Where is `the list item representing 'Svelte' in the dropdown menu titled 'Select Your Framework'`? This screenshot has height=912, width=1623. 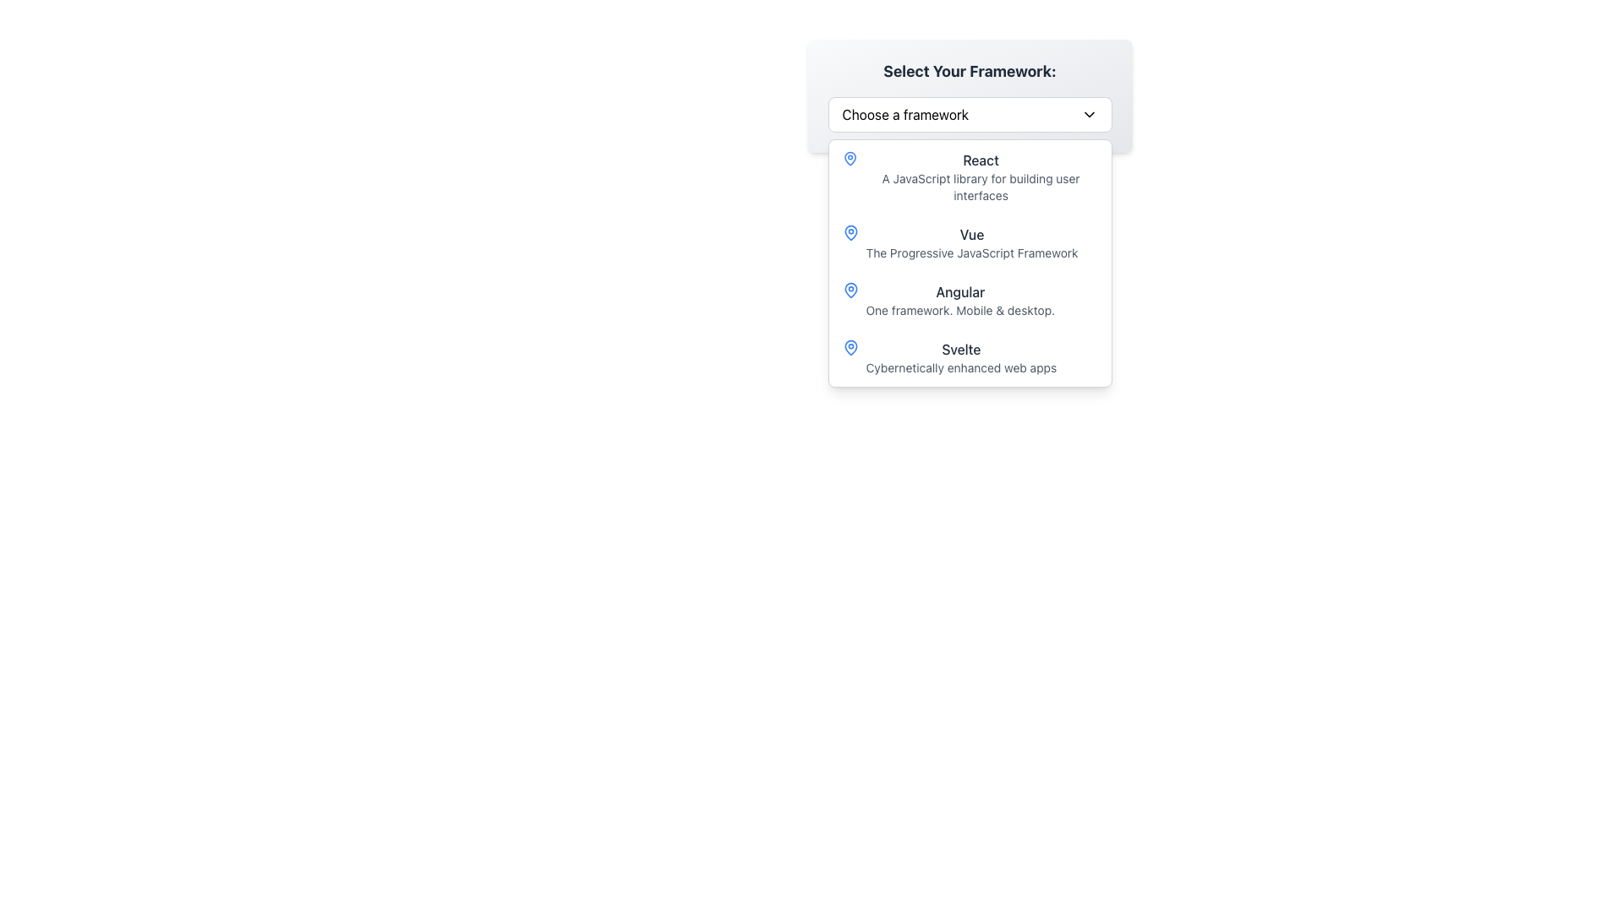 the list item representing 'Svelte' in the dropdown menu titled 'Select Your Framework' is located at coordinates (970, 357).